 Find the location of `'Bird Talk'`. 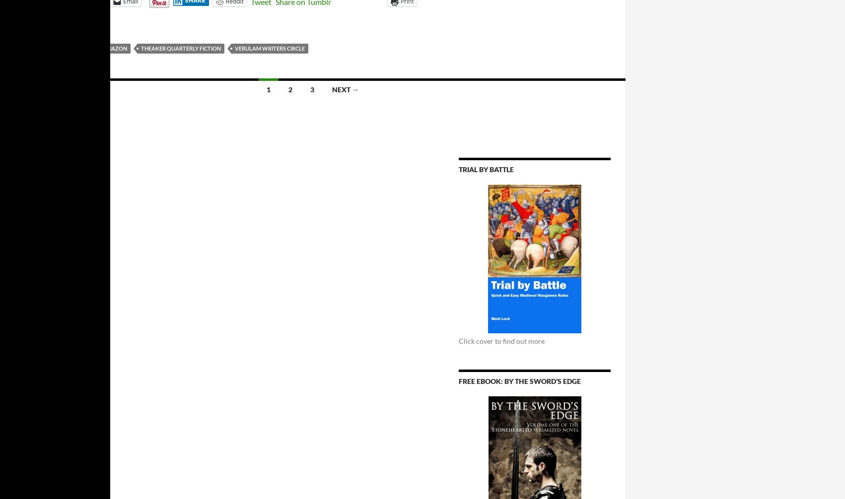

'Bird Talk' is located at coordinates (22, 48).